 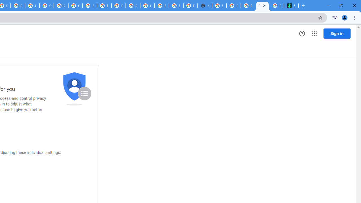 I want to click on 'Sign in - Google Accounts', so click(x=219, y=6).